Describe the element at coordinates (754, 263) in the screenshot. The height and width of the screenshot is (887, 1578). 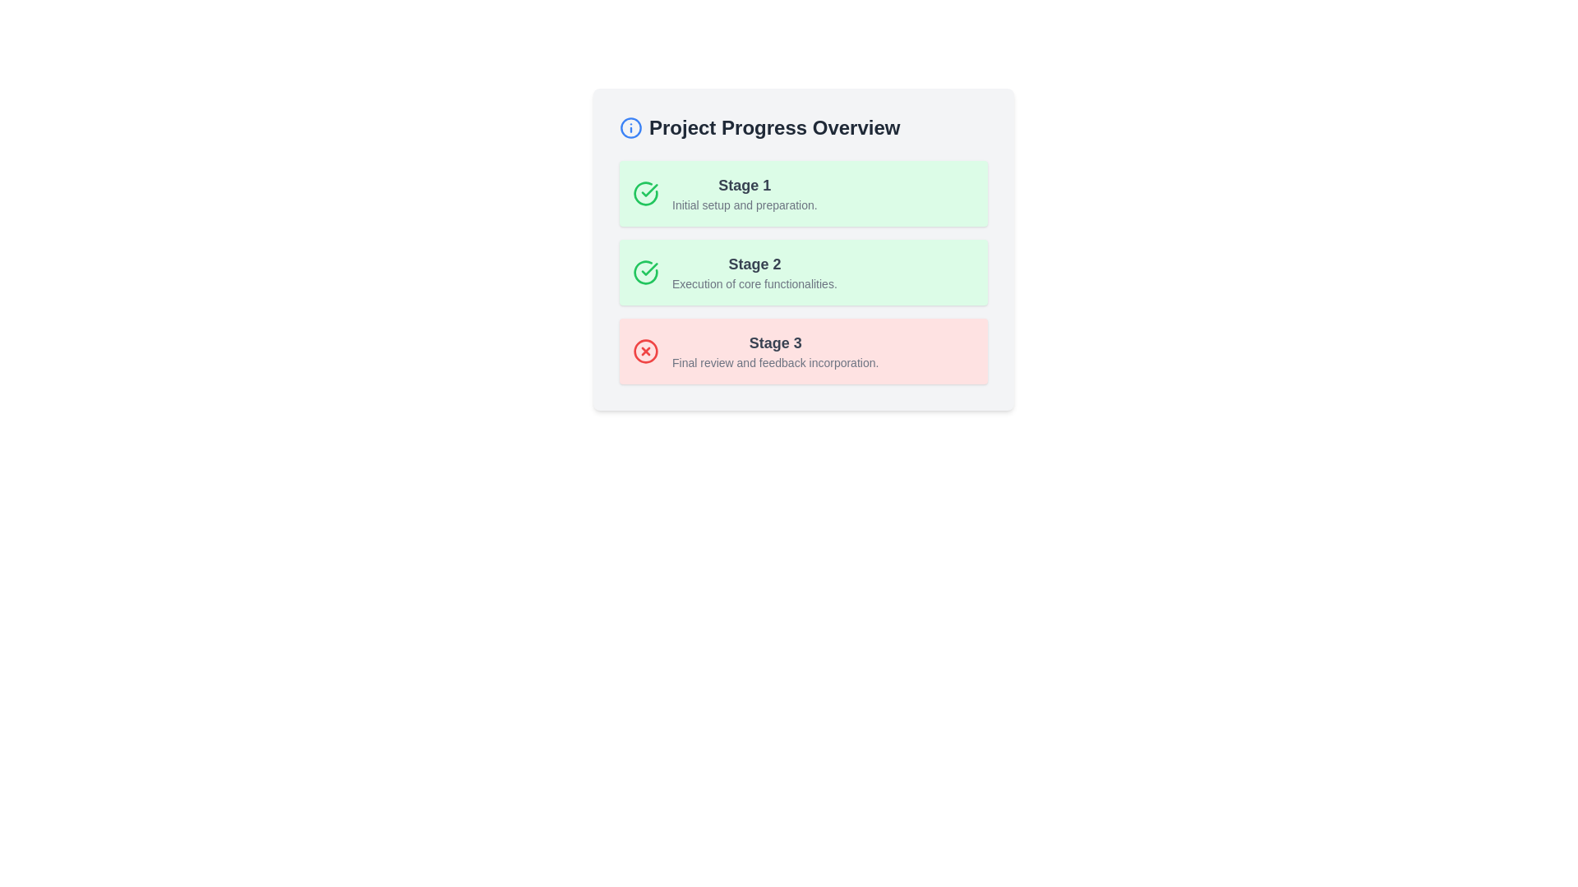
I see `the static text label displaying 'Stage 2' in bold, dark gray font, which is part of a step-by-step progress layout` at that location.